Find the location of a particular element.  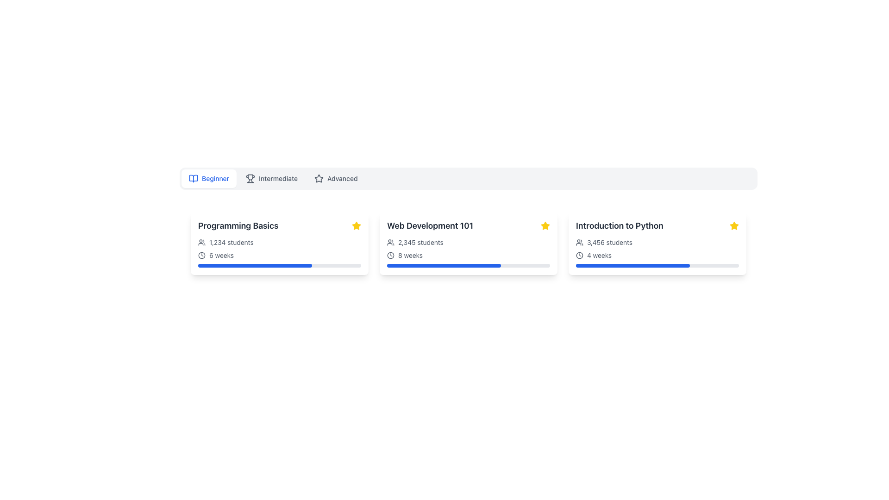

the circular outline of the clock face represented as an SVG graphical component, which is part of a clock icon styled with the class 'lucide lucide-clock', located adjacent to the text '6 weeks' is located at coordinates (579, 255).